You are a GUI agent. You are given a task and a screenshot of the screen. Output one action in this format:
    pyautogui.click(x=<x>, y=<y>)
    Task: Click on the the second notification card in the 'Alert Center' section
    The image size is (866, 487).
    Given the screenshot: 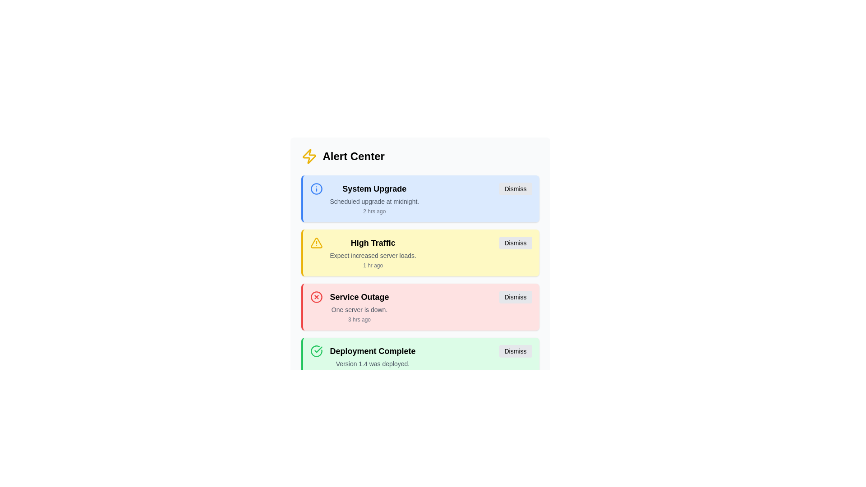 What is the action you would take?
    pyautogui.click(x=419, y=248)
    